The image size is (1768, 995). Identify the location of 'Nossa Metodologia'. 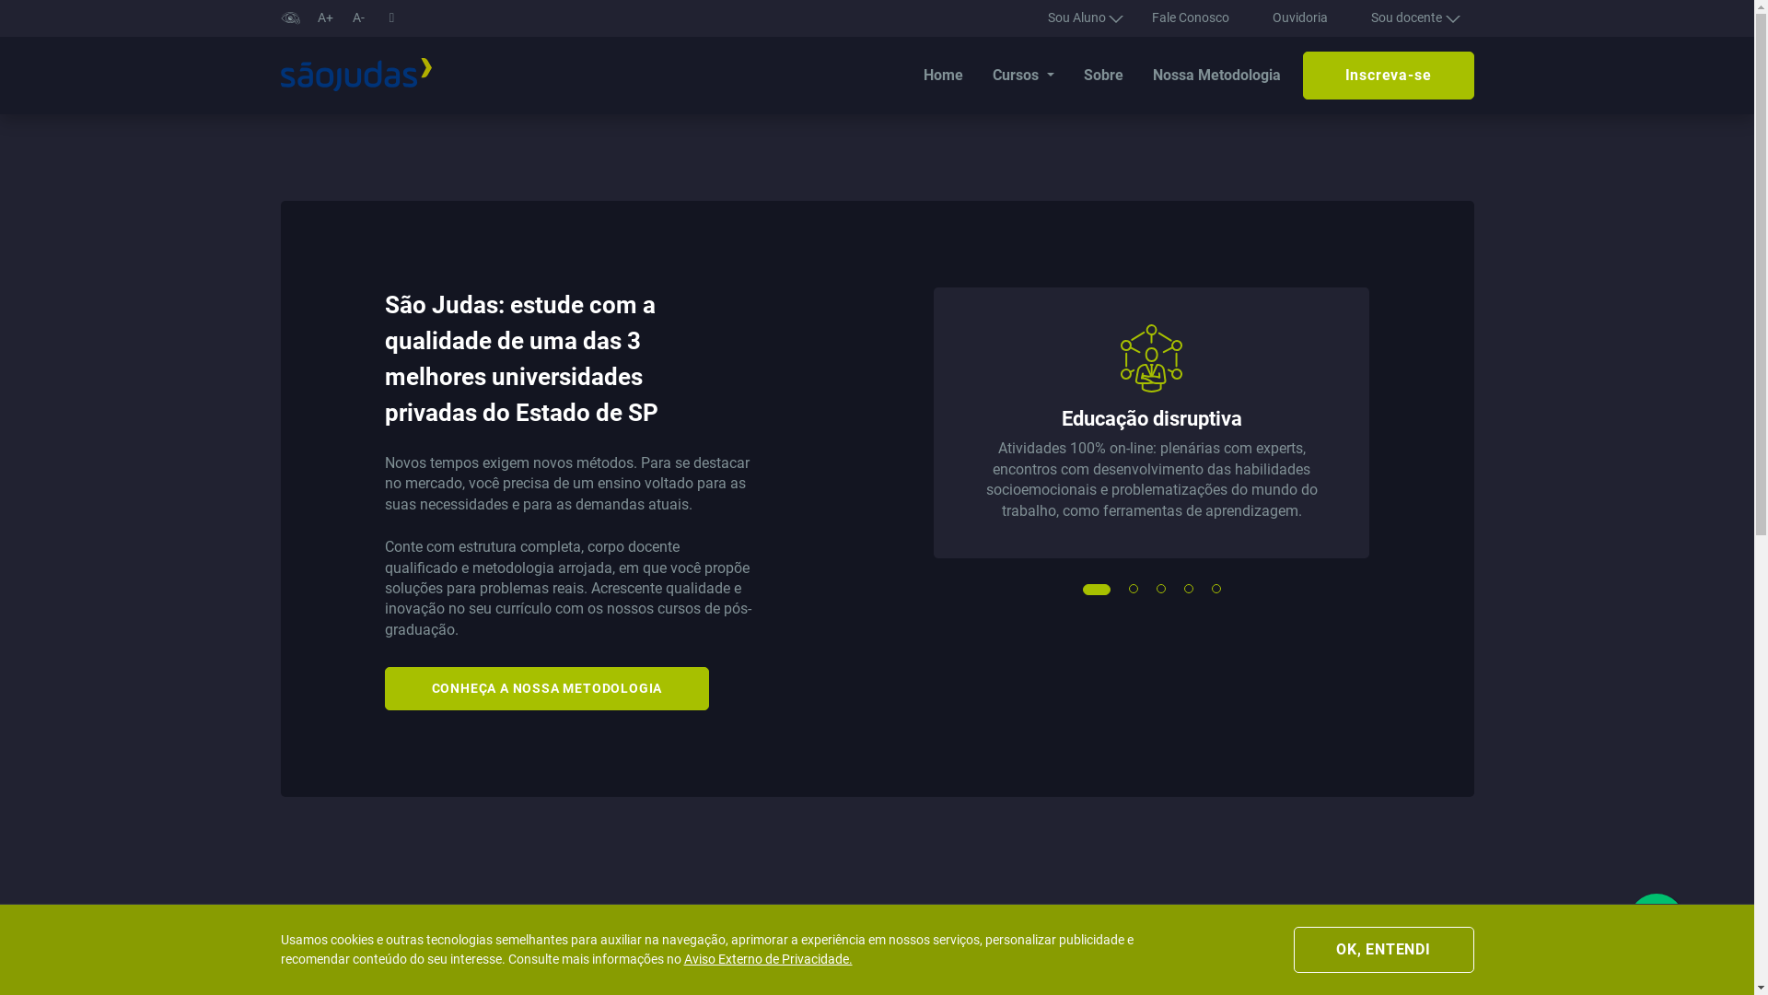
(1216, 74).